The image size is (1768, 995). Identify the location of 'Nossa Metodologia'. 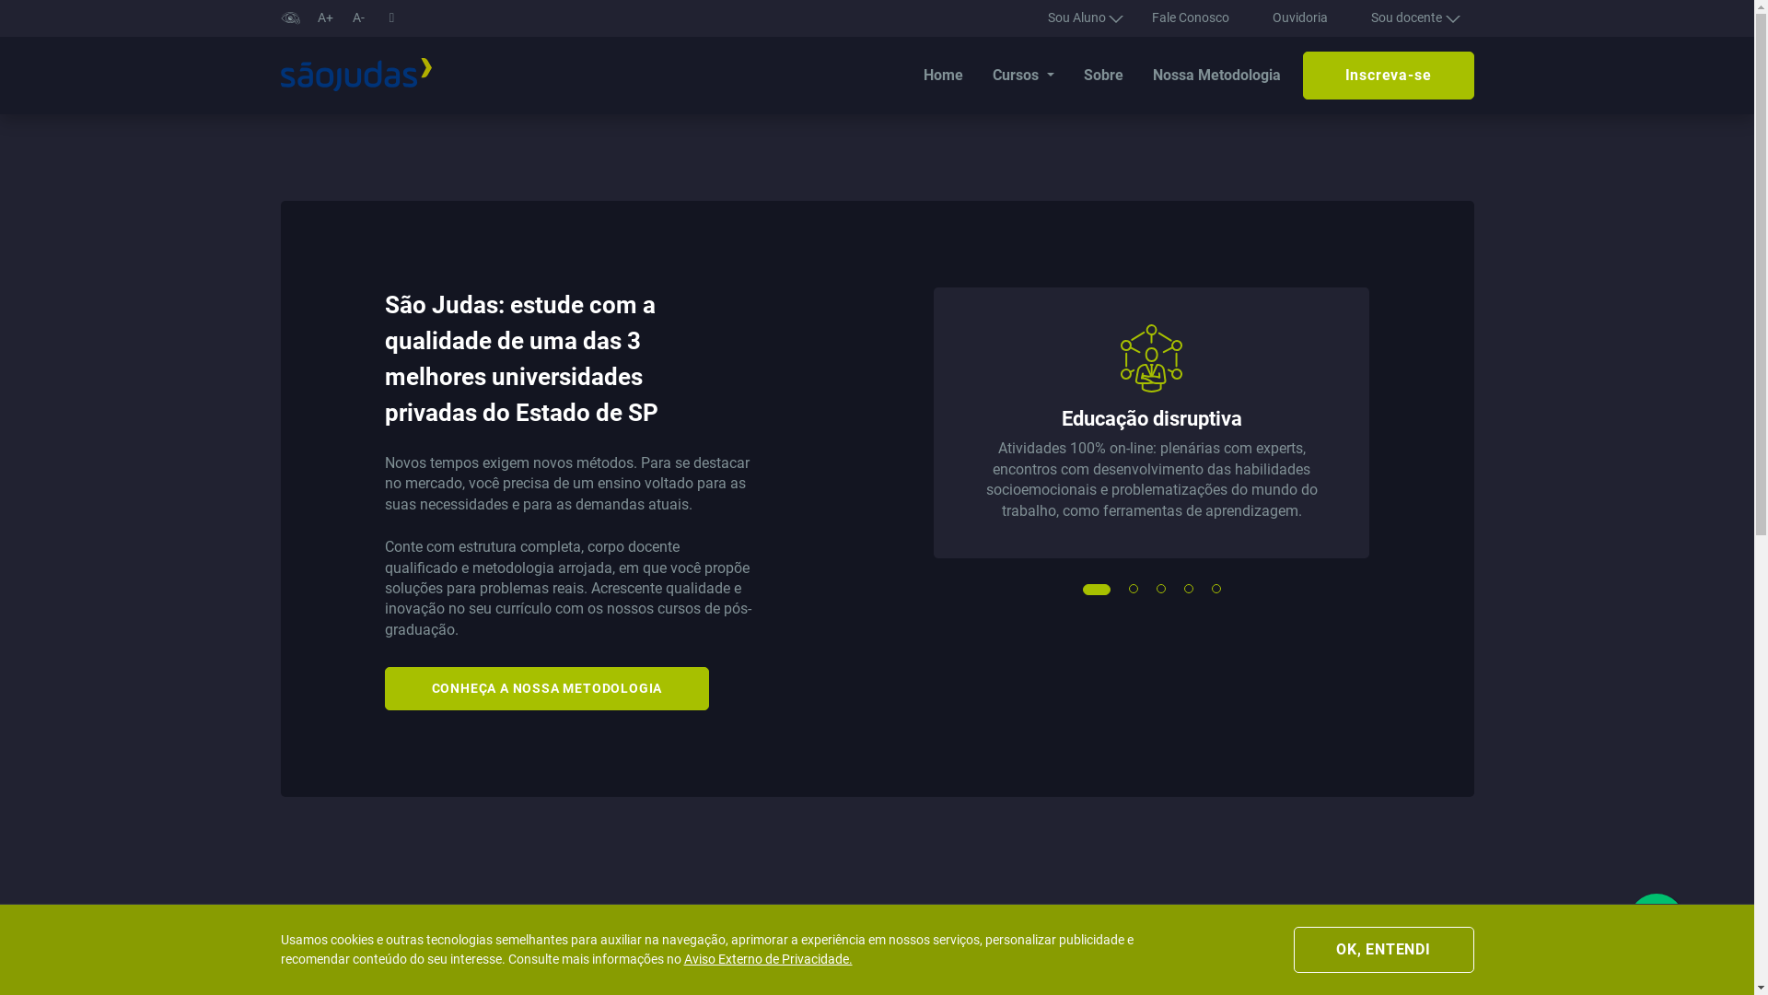
(1216, 74).